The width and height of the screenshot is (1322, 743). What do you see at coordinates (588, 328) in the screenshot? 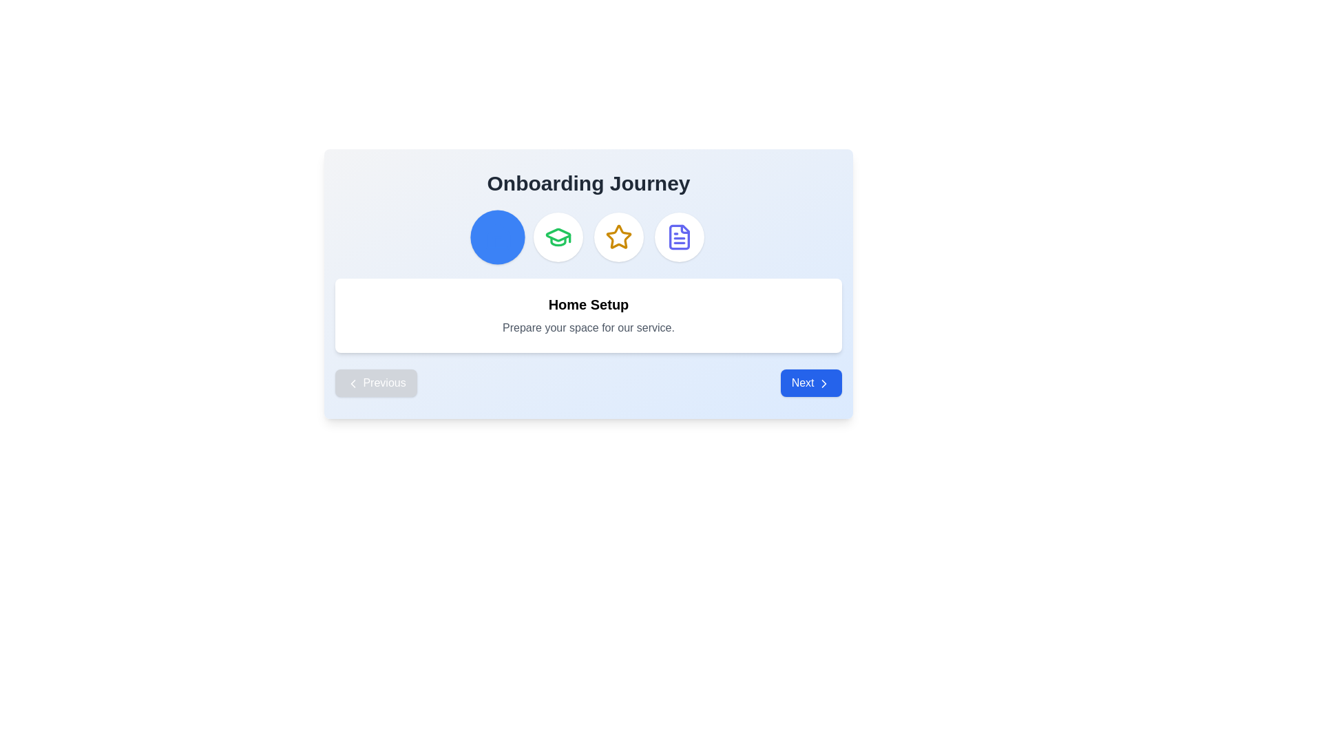
I see `the text element displaying 'Prepare your space for our service.' which is centrally aligned below the 'Home Setup' heading` at bounding box center [588, 328].